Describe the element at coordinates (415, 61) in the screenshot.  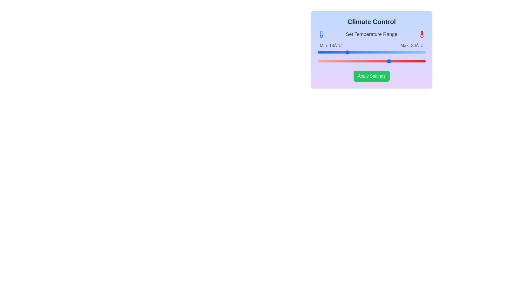
I see `the maximum temperature range to 37°C using the right slider` at that location.